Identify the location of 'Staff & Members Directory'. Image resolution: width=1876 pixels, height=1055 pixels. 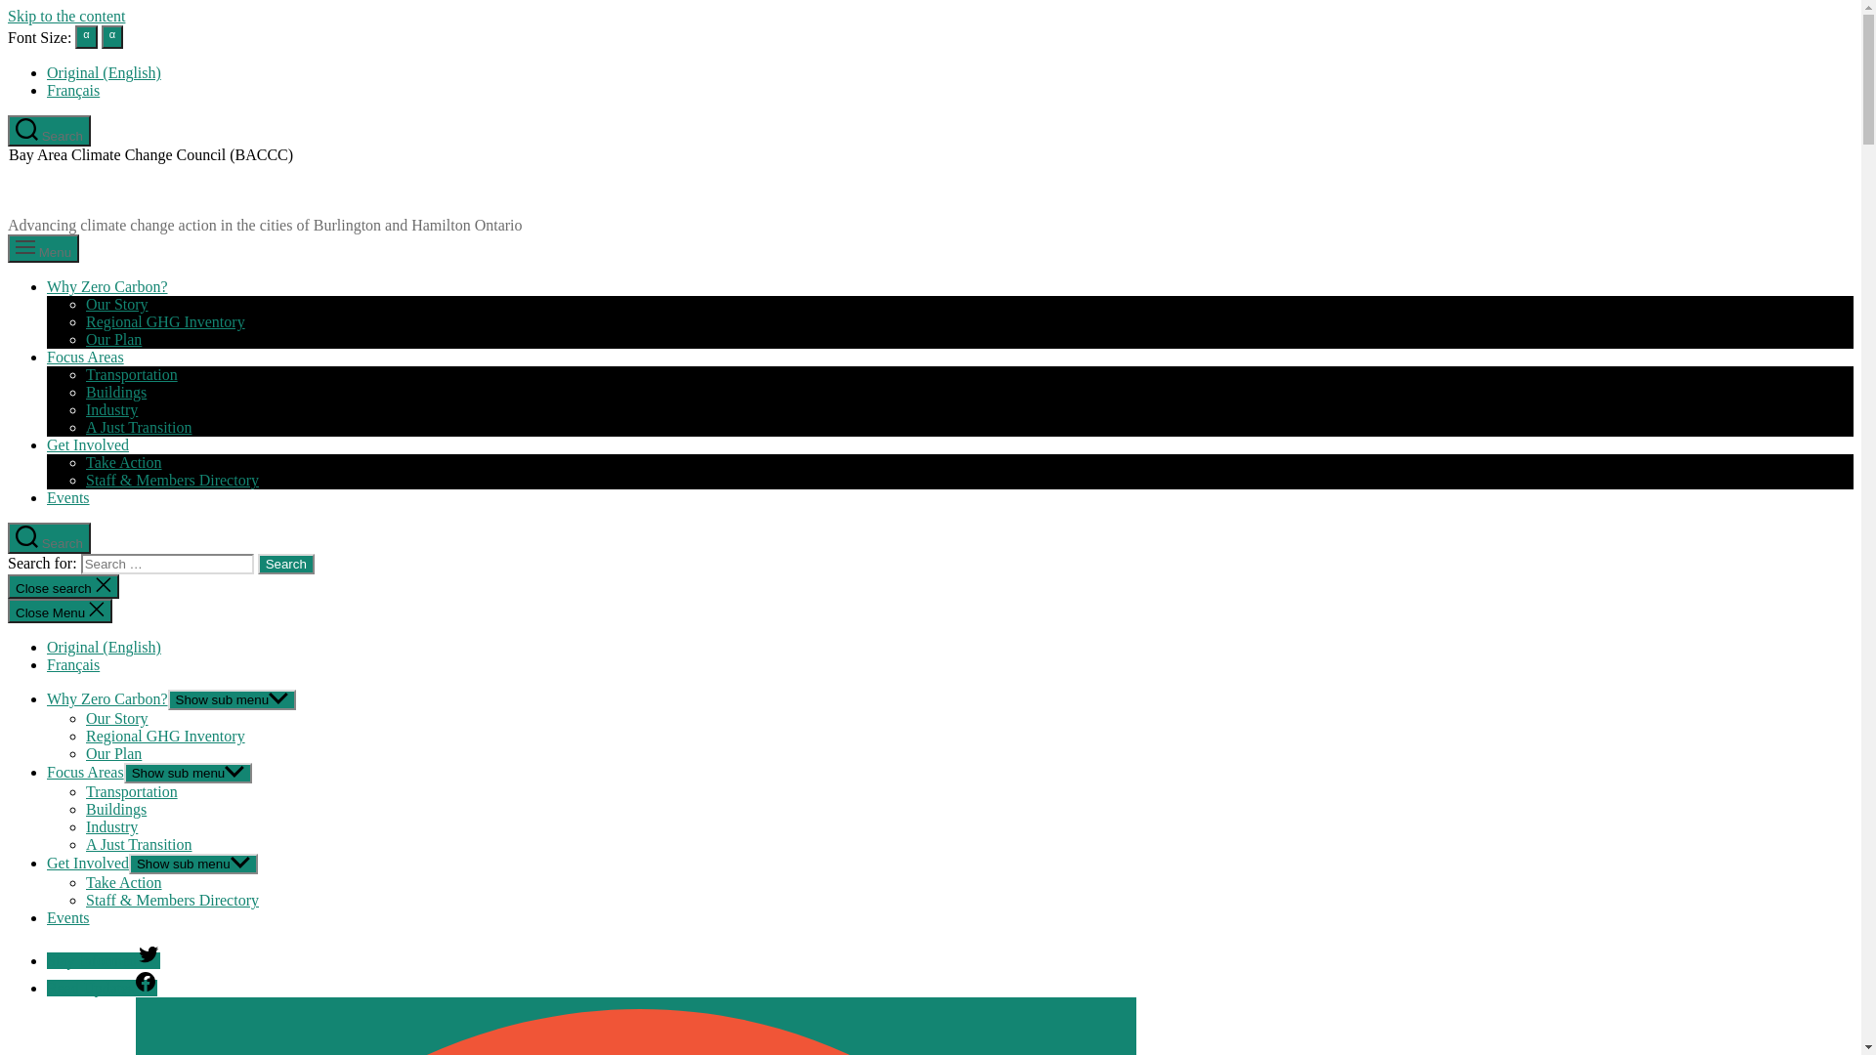
(84, 900).